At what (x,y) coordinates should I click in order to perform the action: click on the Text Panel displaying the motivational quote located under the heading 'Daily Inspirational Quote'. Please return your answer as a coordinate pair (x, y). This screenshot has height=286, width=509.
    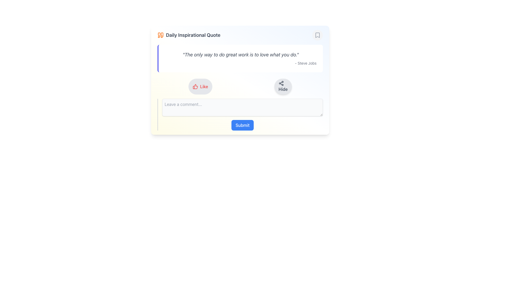
    Looking at the image, I should click on (240, 58).